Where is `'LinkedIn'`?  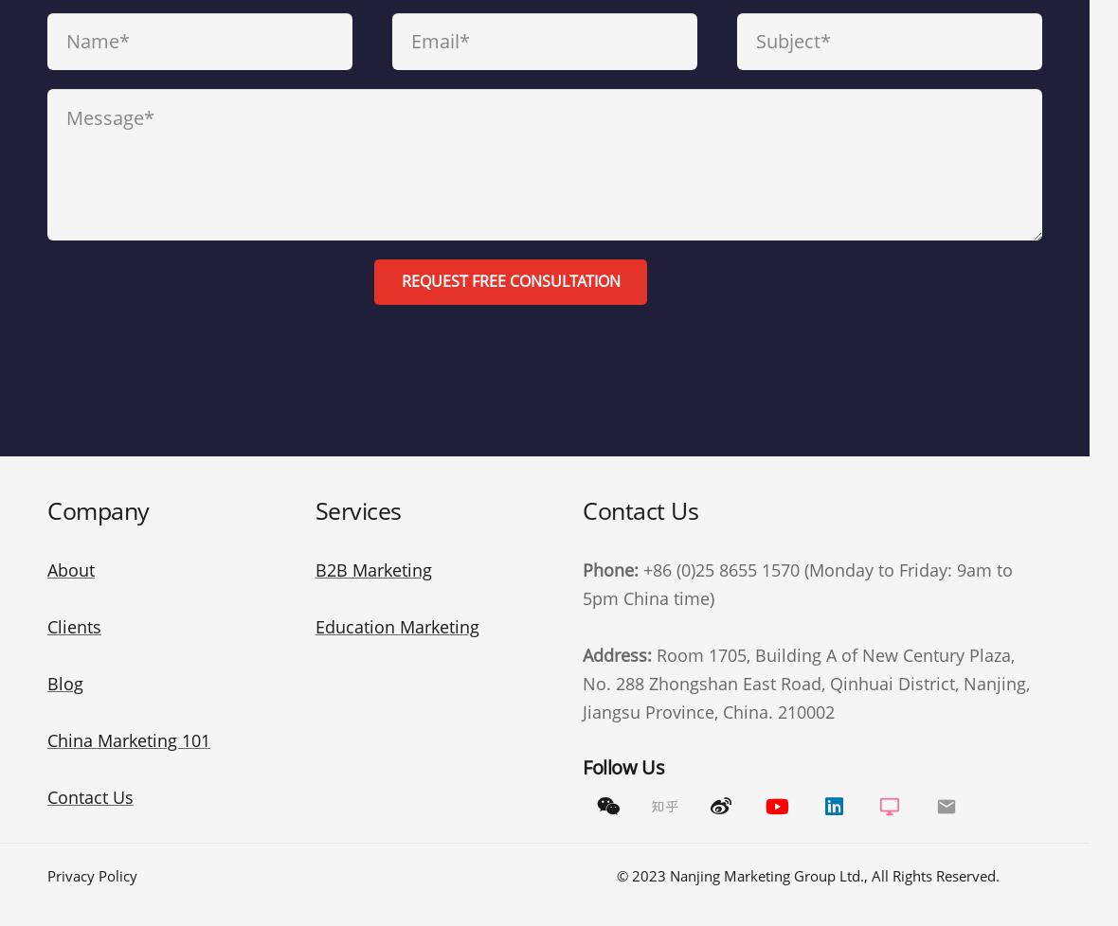 'LinkedIn' is located at coordinates (833, 731).